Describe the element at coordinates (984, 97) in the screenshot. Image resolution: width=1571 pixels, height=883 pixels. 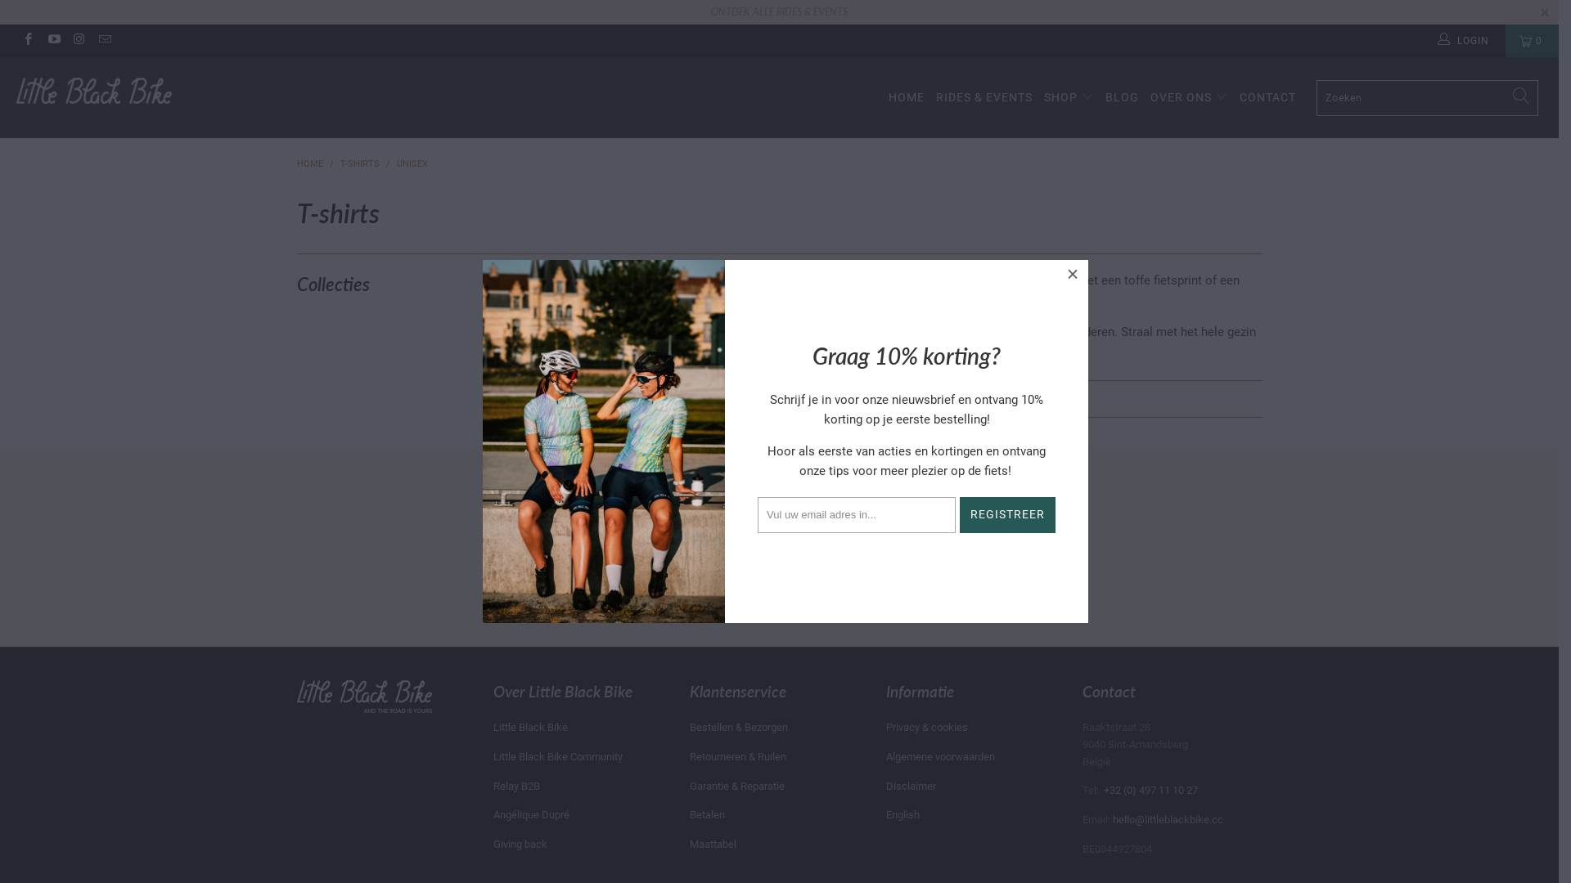
I see `'RIDES & EVENTS'` at that location.